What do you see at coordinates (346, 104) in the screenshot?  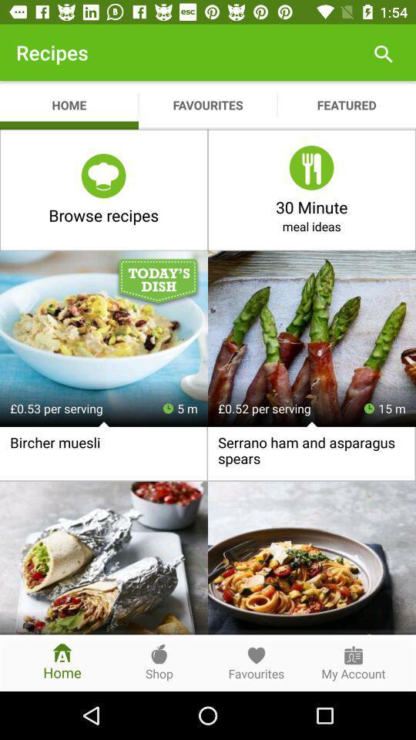 I see `featured item` at bounding box center [346, 104].